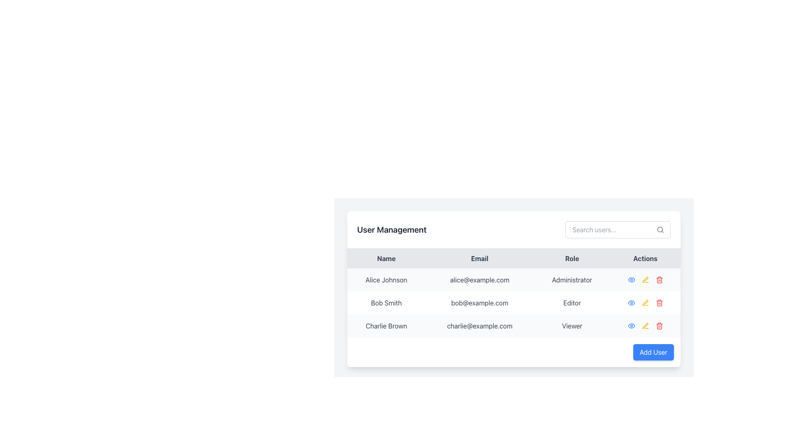 The height and width of the screenshot is (444, 790). Describe the element at coordinates (645, 303) in the screenshot. I see `the pen-like icon in the 'Actions' column for 'Bob Smith'` at that location.